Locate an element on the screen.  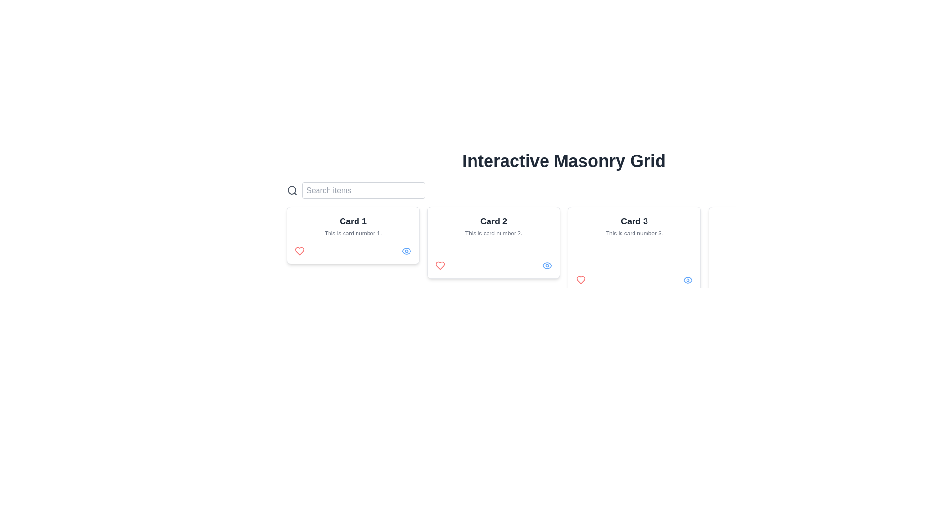
the static text that reads 'This is card number 2.', which is styled in a small, light gray font and positioned directly below the title 'Card 2' is located at coordinates (494, 234).